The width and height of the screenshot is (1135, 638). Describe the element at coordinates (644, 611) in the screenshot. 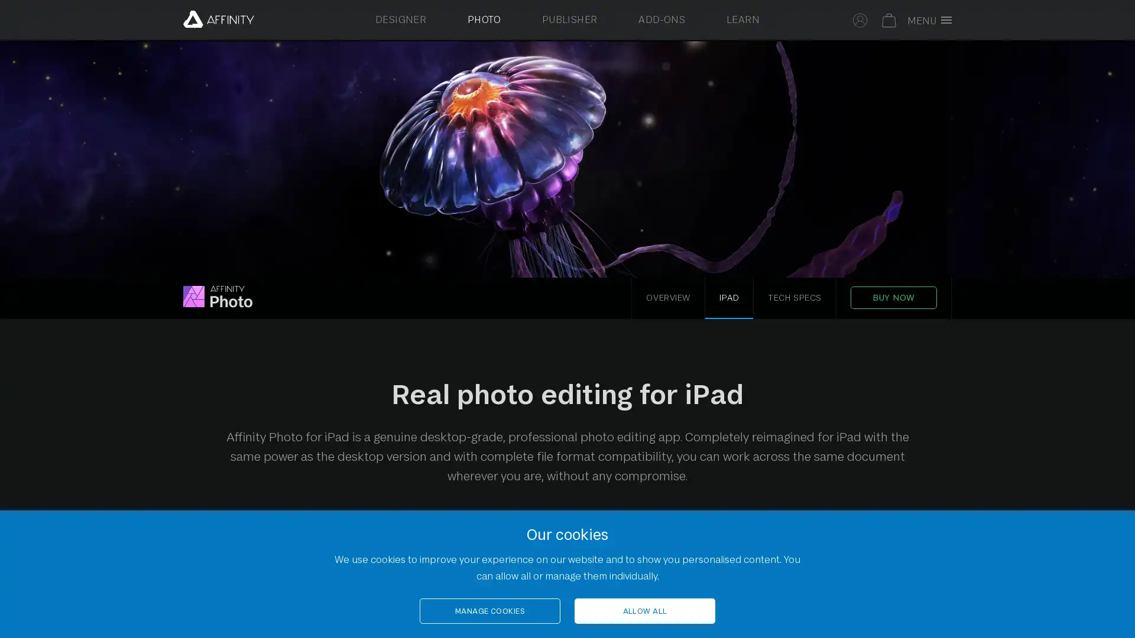

I see `ALLOW ALL` at that location.